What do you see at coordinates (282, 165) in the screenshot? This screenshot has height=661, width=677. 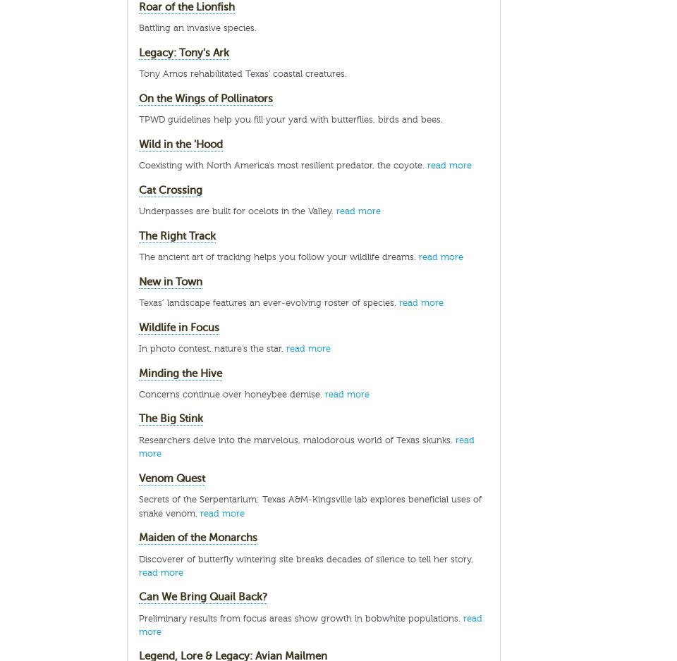 I see `'Coexisting with North America's most resilient predator, the coyote.'` at bounding box center [282, 165].